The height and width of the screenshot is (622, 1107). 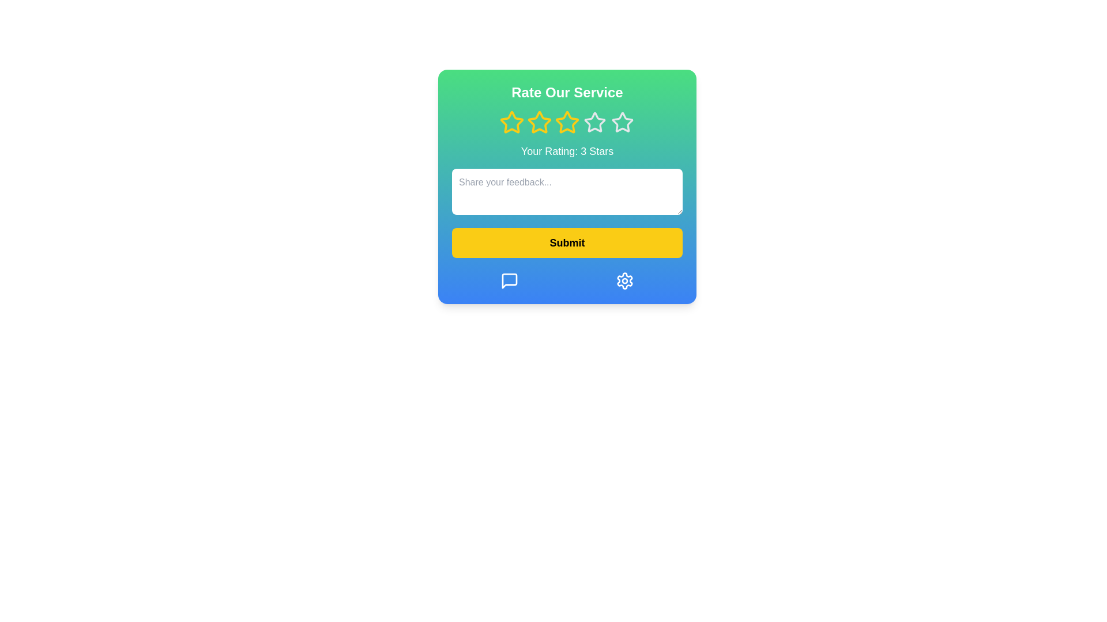 What do you see at coordinates (622, 122) in the screenshot?
I see `the fifth star in the rating component for navigation via keyboard` at bounding box center [622, 122].